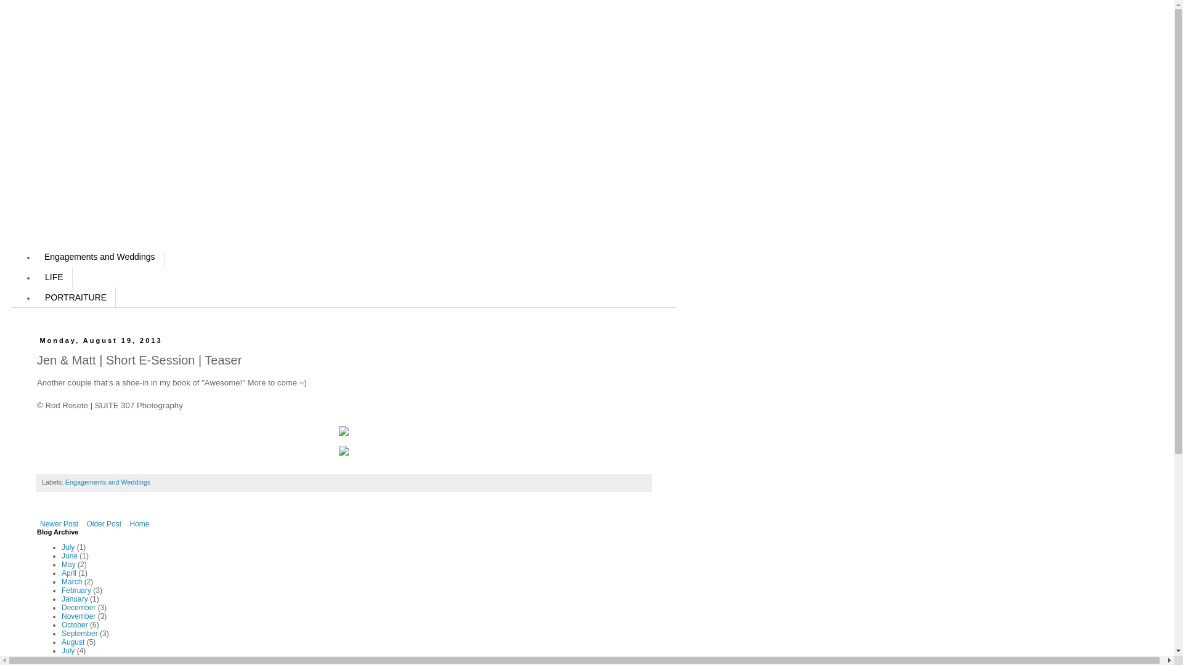  Describe the element at coordinates (61, 598) in the screenshot. I see `'January'` at that location.